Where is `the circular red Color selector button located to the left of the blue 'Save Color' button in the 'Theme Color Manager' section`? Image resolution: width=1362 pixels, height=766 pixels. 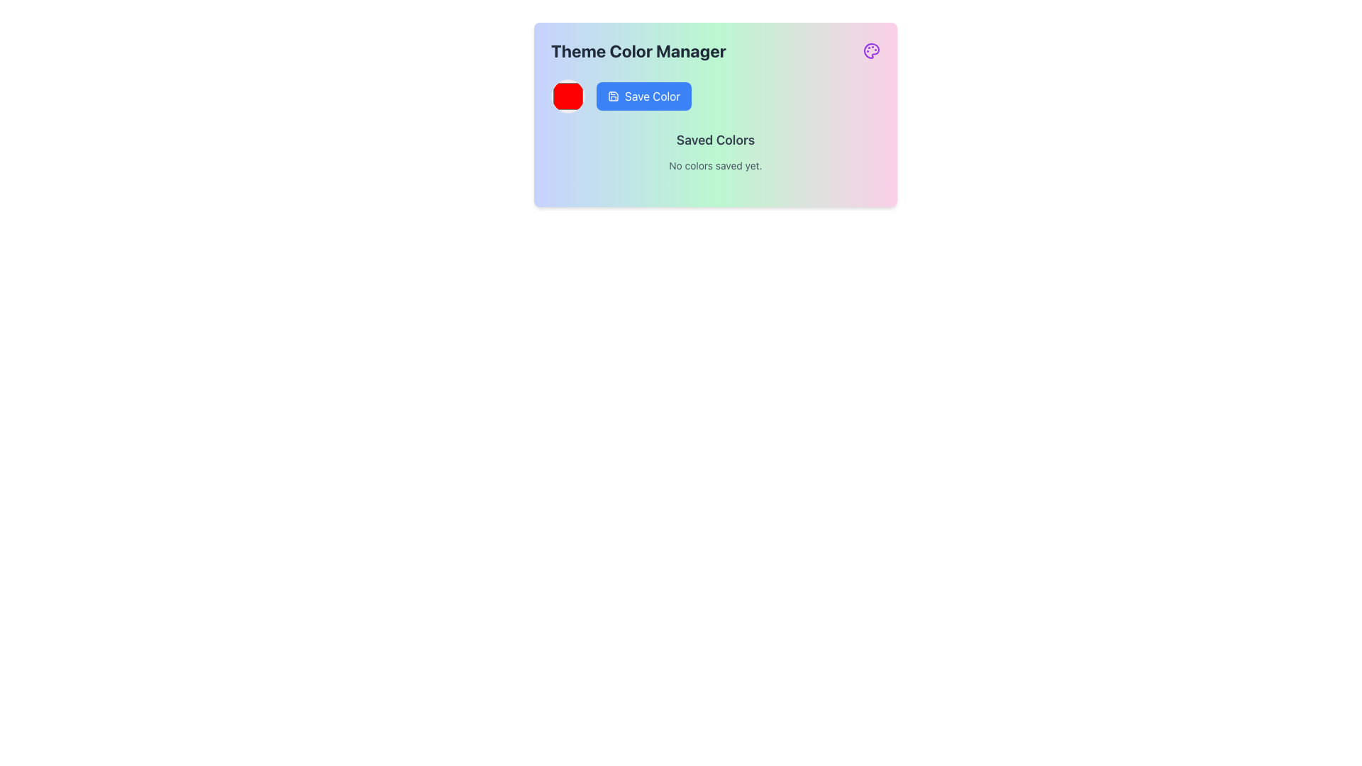 the circular red Color selector button located to the left of the blue 'Save Color' button in the 'Theme Color Manager' section is located at coordinates (568, 96).